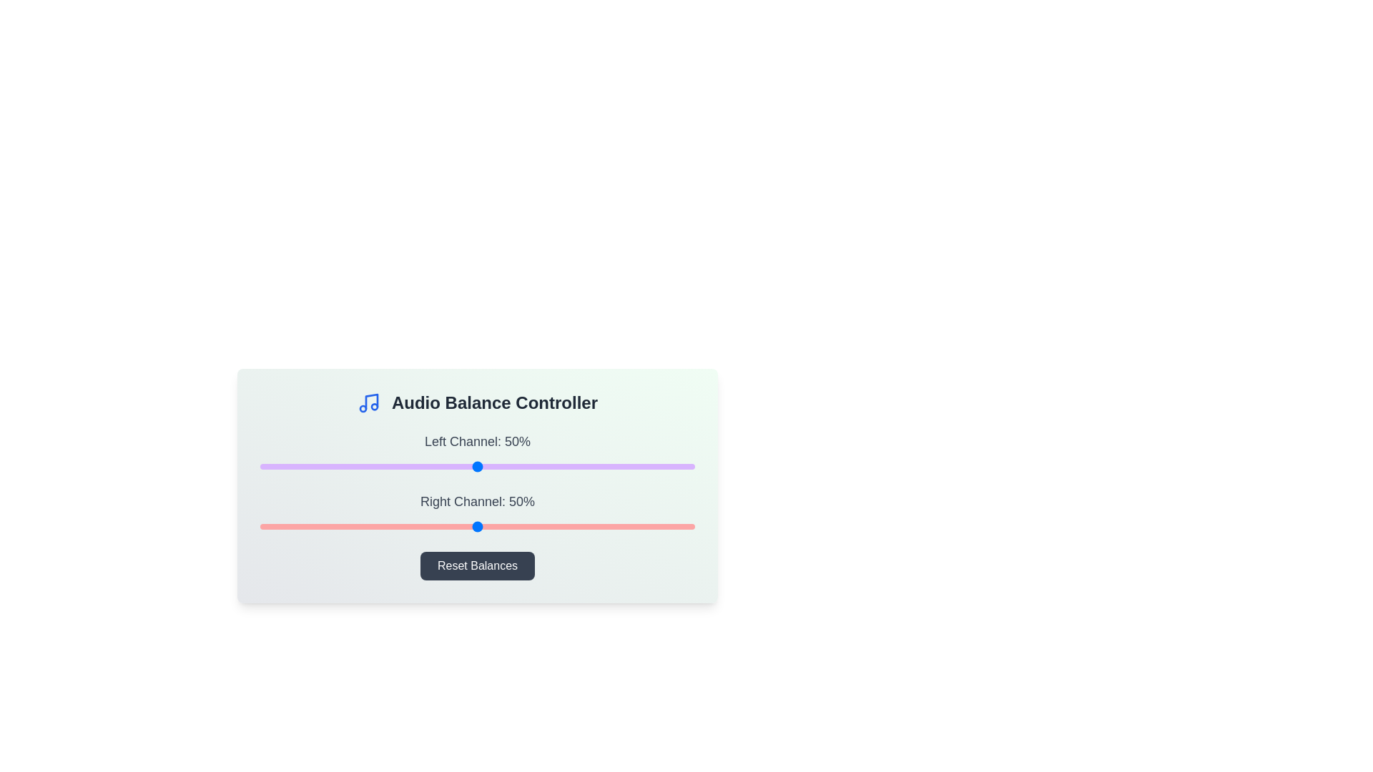 This screenshot has height=772, width=1373. I want to click on the left audio channel balance to 22% using the slider, so click(355, 466).